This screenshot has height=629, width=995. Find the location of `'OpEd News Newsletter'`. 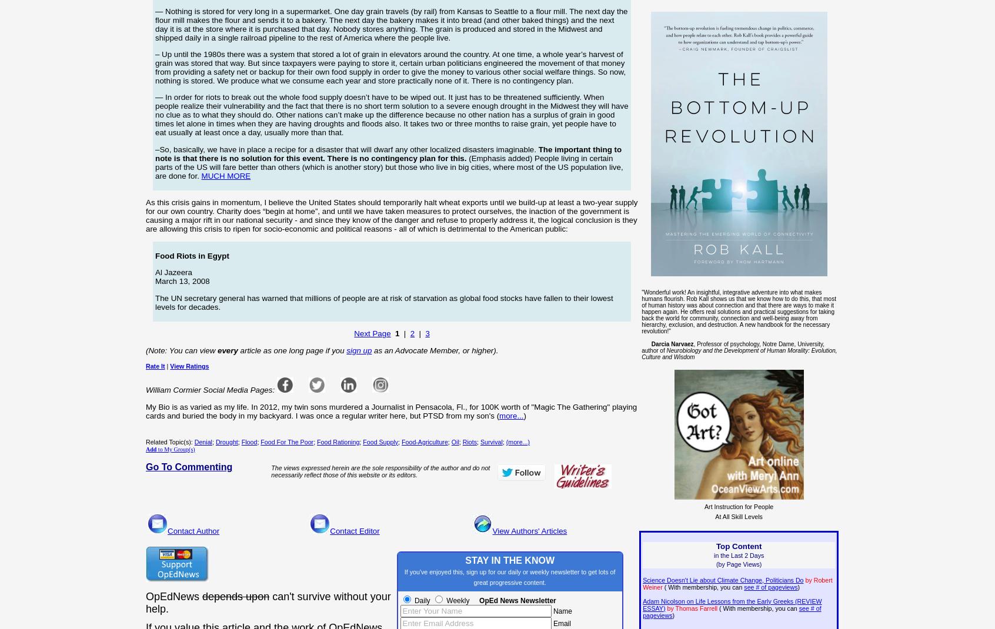

'OpEd News Newsletter' is located at coordinates (479, 600).